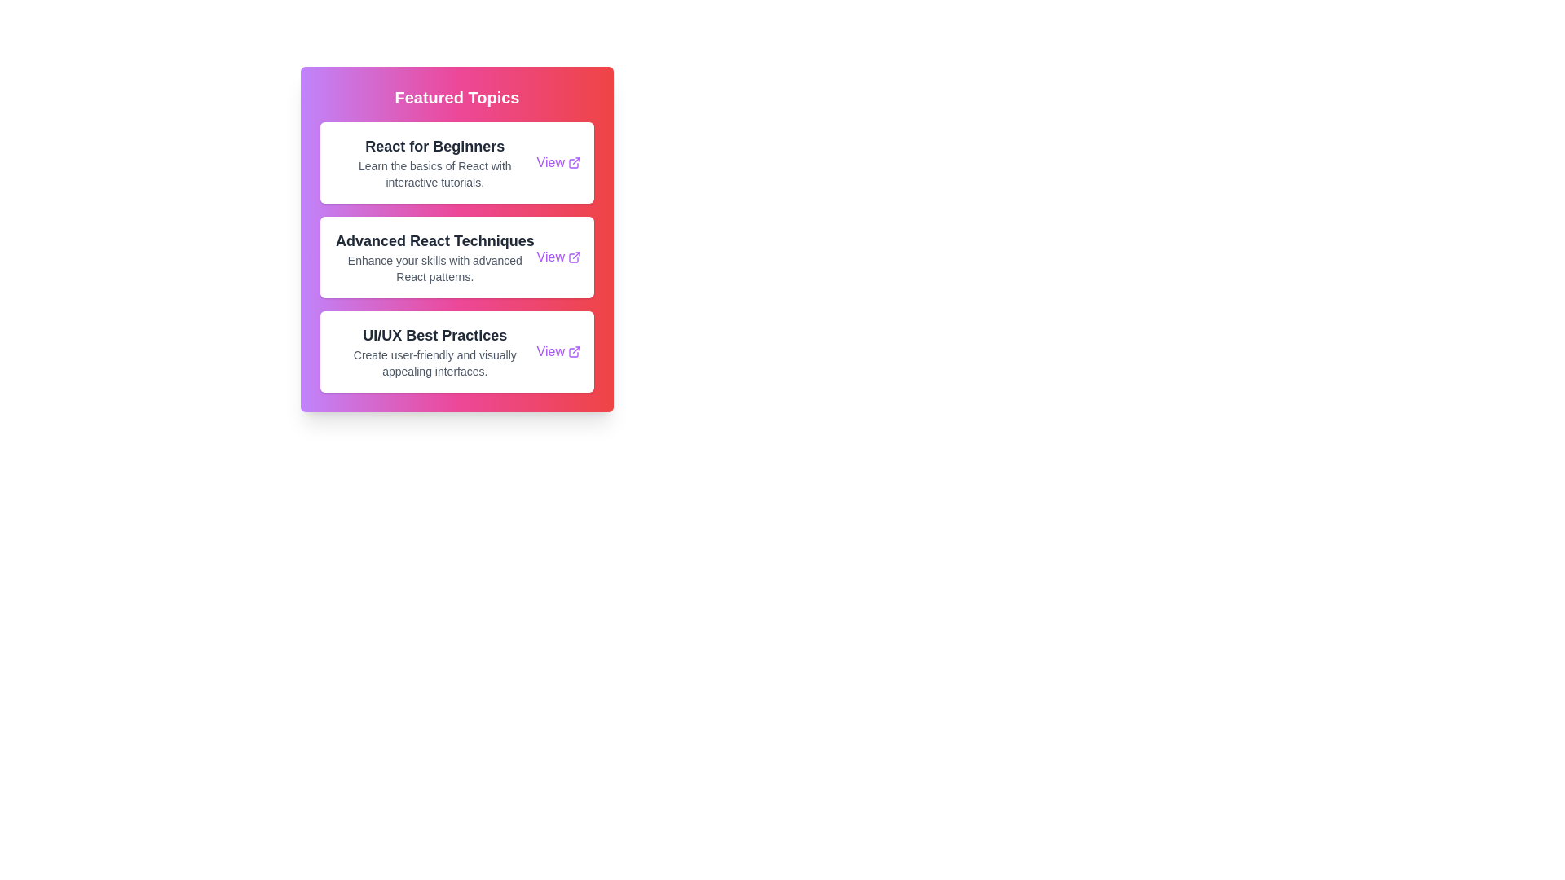  What do you see at coordinates (550, 163) in the screenshot?
I see `the 'View' text label, which is styled as a hyperlink in purple font, located to the right of the topic description for 'React for Beginners'` at bounding box center [550, 163].